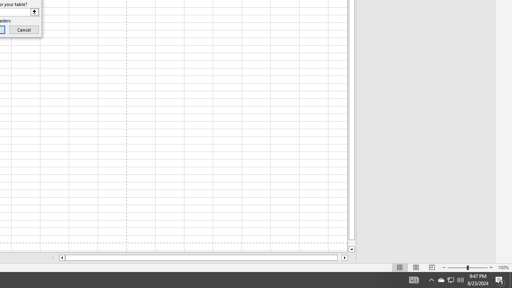 The image size is (512, 288). Describe the element at coordinates (352, 249) in the screenshot. I see `'Line down'` at that location.